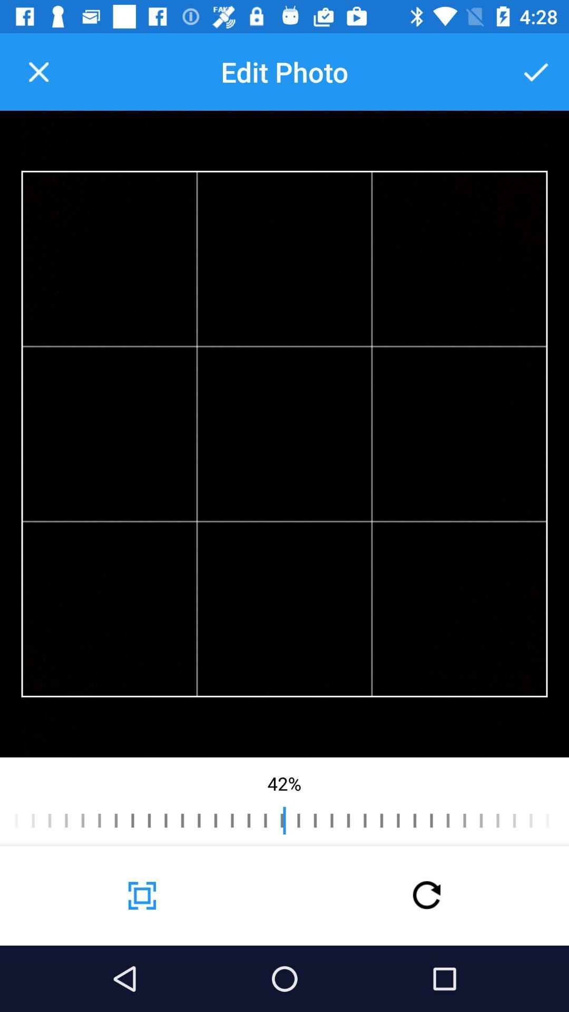 Image resolution: width=569 pixels, height=1012 pixels. Describe the element at coordinates (38, 71) in the screenshot. I see `the icon to the left of the edit photo icon` at that location.